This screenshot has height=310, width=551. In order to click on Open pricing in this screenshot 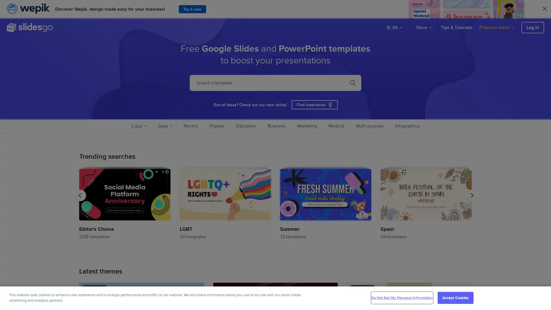, I will do `click(497, 27)`.